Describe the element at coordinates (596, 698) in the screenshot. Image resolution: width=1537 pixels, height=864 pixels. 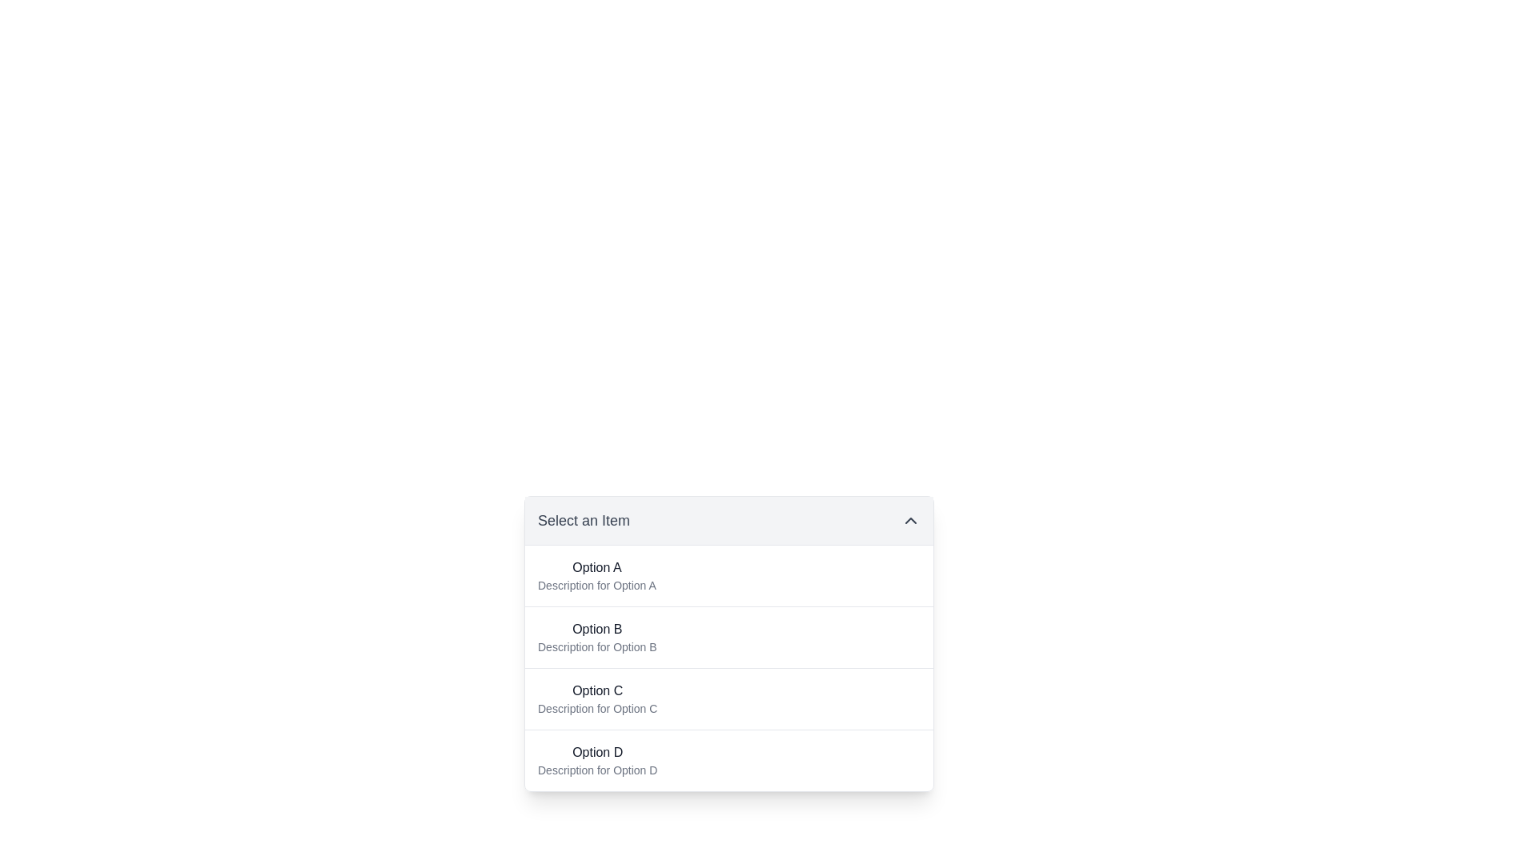
I see `the list item labeled 'Option C' that is the third item in the dropdown list under the heading 'Select an Item'` at that location.